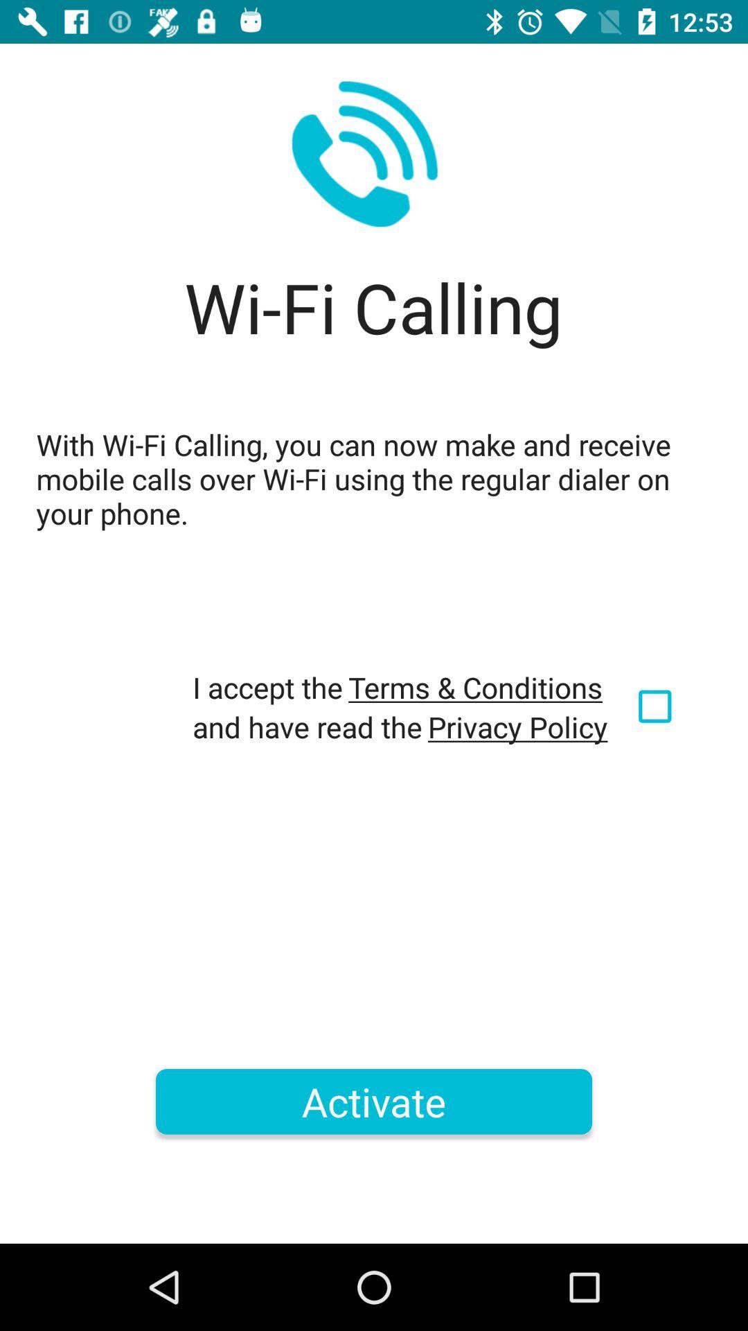 The height and width of the screenshot is (1331, 748). Describe the element at coordinates (364, 154) in the screenshot. I see `app above wi-fi calling icon` at that location.